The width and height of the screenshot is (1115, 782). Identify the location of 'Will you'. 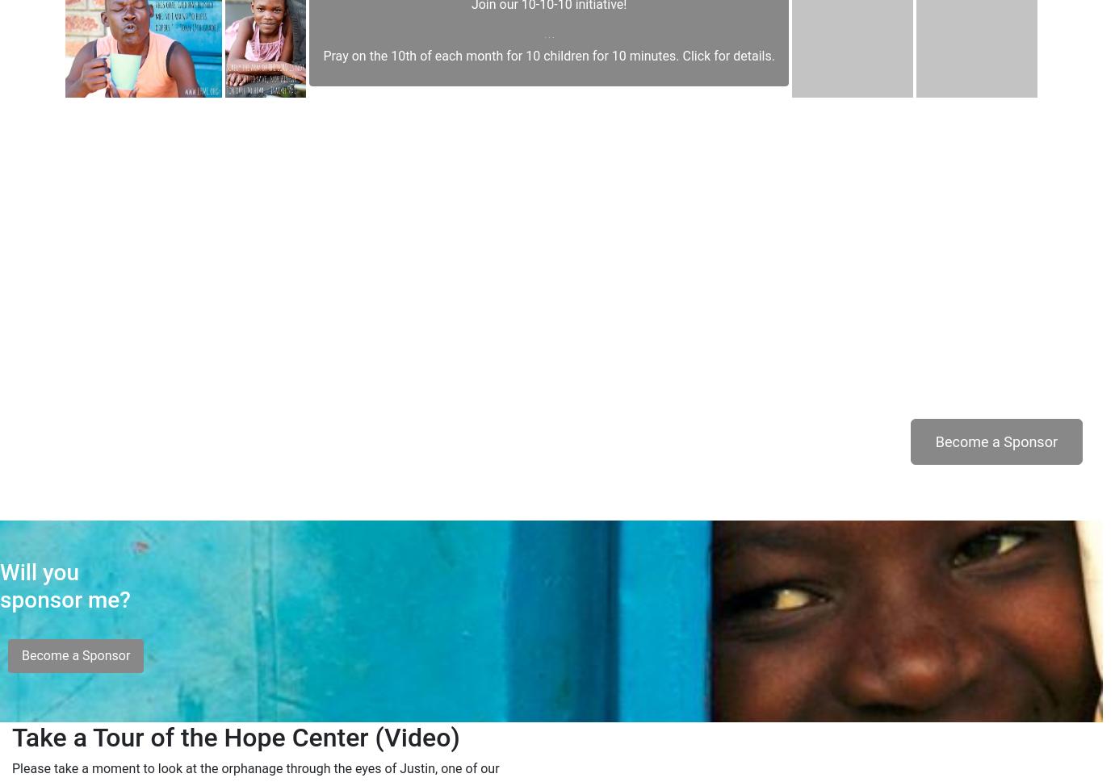
(39, 608).